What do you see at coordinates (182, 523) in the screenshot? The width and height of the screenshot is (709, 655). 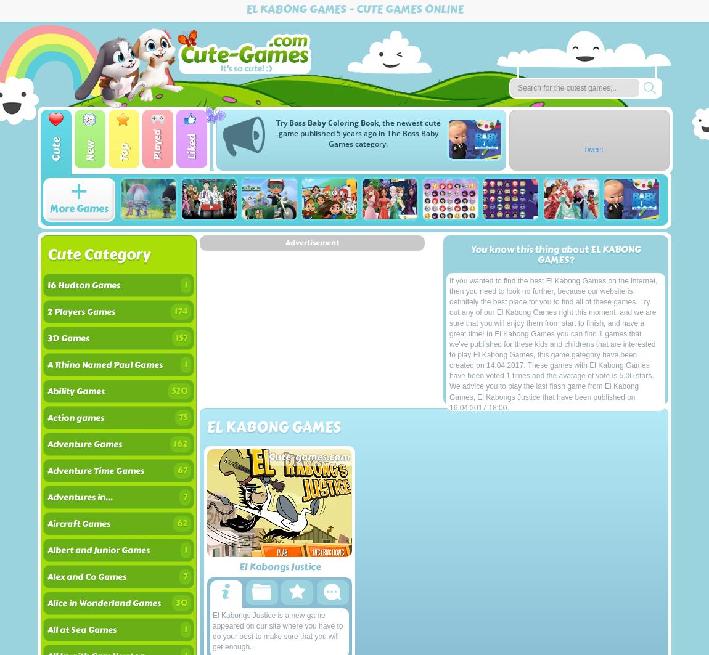 I see `'62'` at bounding box center [182, 523].